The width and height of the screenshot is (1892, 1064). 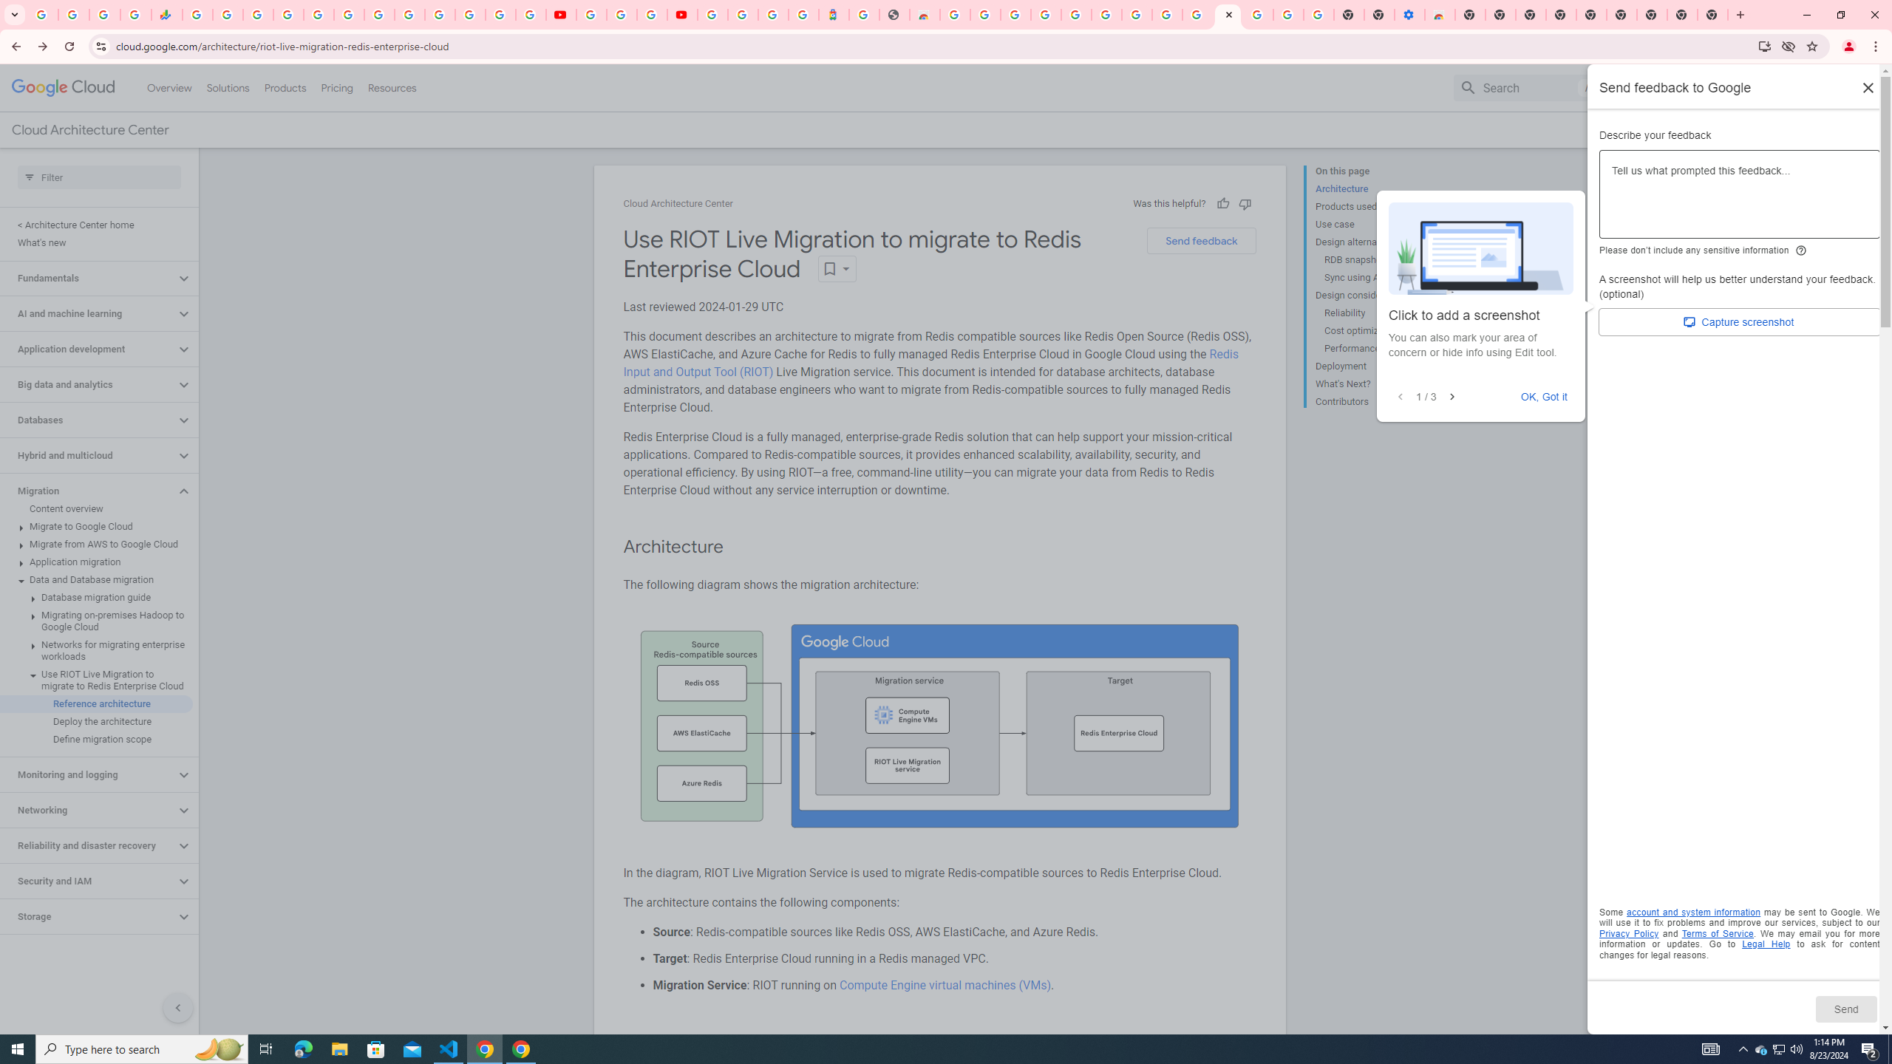 What do you see at coordinates (1765, 944) in the screenshot?
I see `'Opens in a new tab. Legal Help'` at bounding box center [1765, 944].